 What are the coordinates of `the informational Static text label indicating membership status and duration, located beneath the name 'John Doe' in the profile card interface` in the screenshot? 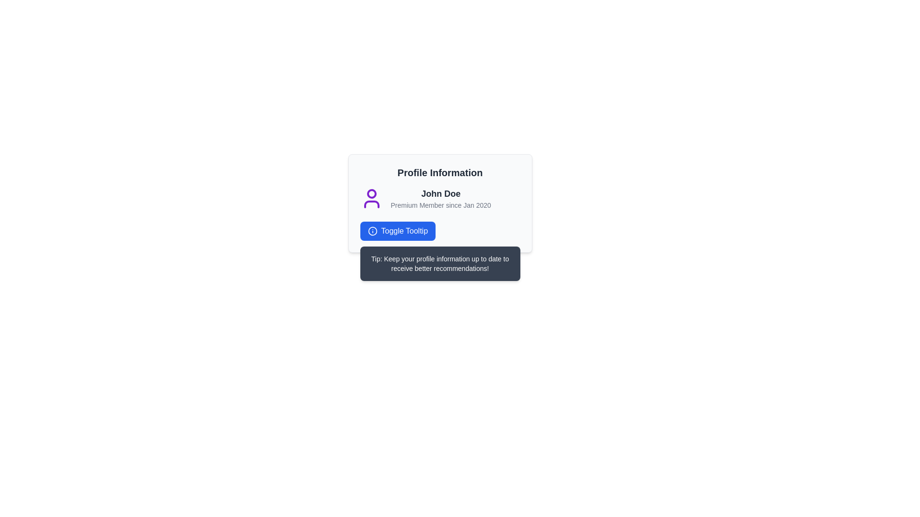 It's located at (440, 204).